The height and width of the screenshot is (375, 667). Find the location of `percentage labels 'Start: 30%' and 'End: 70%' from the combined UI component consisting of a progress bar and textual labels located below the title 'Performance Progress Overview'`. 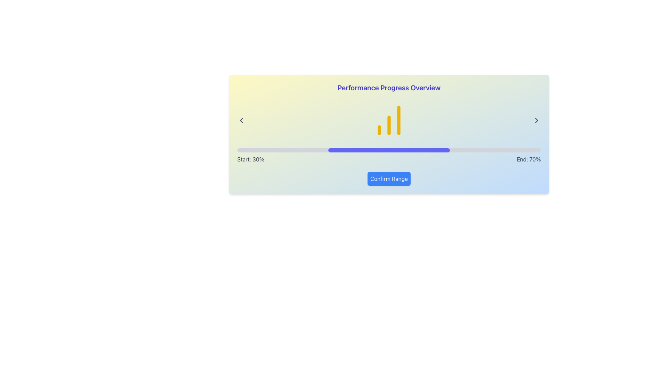

percentage labels 'Start: 30%' and 'End: 70%' from the combined UI component consisting of a progress bar and textual labels located below the title 'Performance Progress Overview' is located at coordinates (388, 155).